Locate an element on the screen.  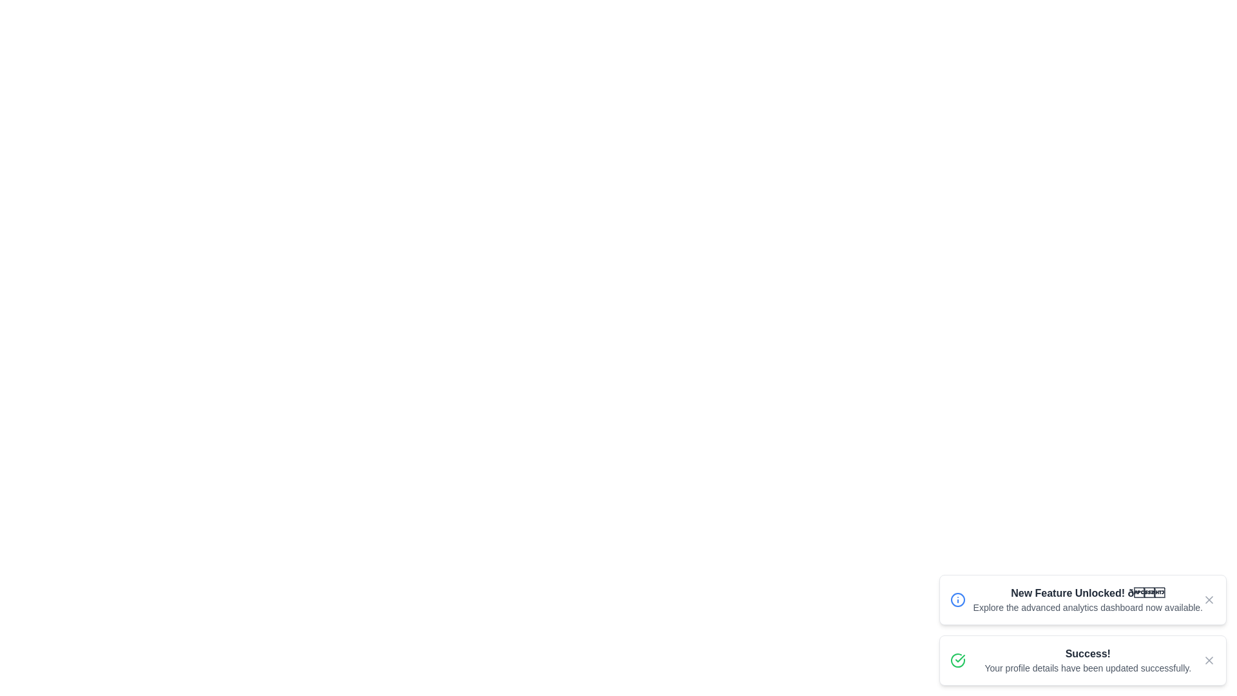
the first notification to focus on its content is located at coordinates (1082, 599).